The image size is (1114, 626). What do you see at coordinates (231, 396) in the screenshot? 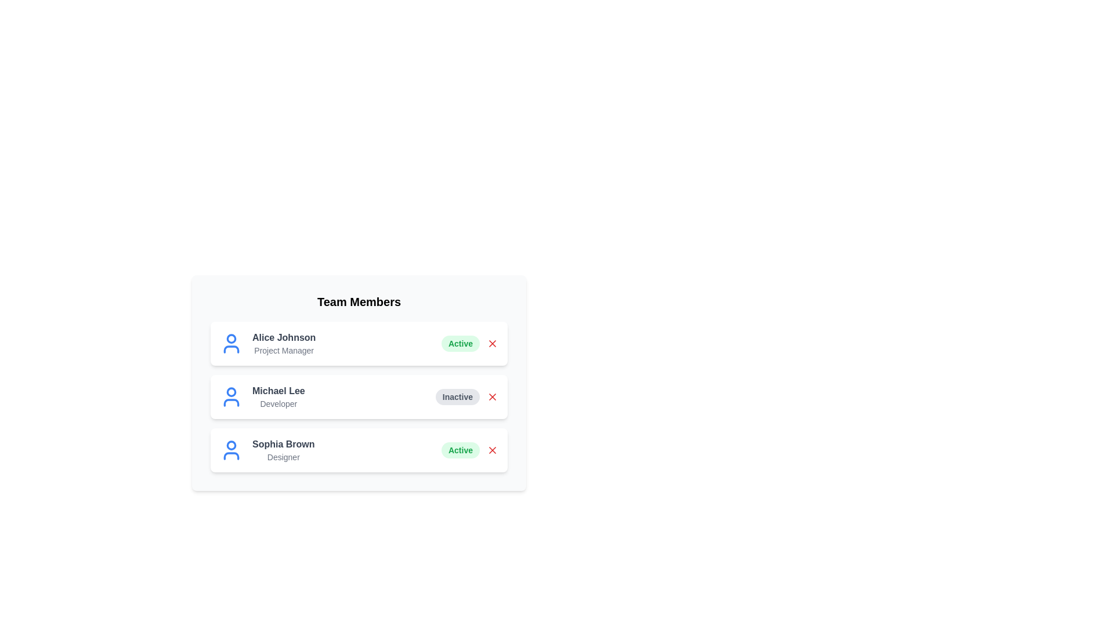
I see `the avatar icon of Michael Lee` at bounding box center [231, 396].